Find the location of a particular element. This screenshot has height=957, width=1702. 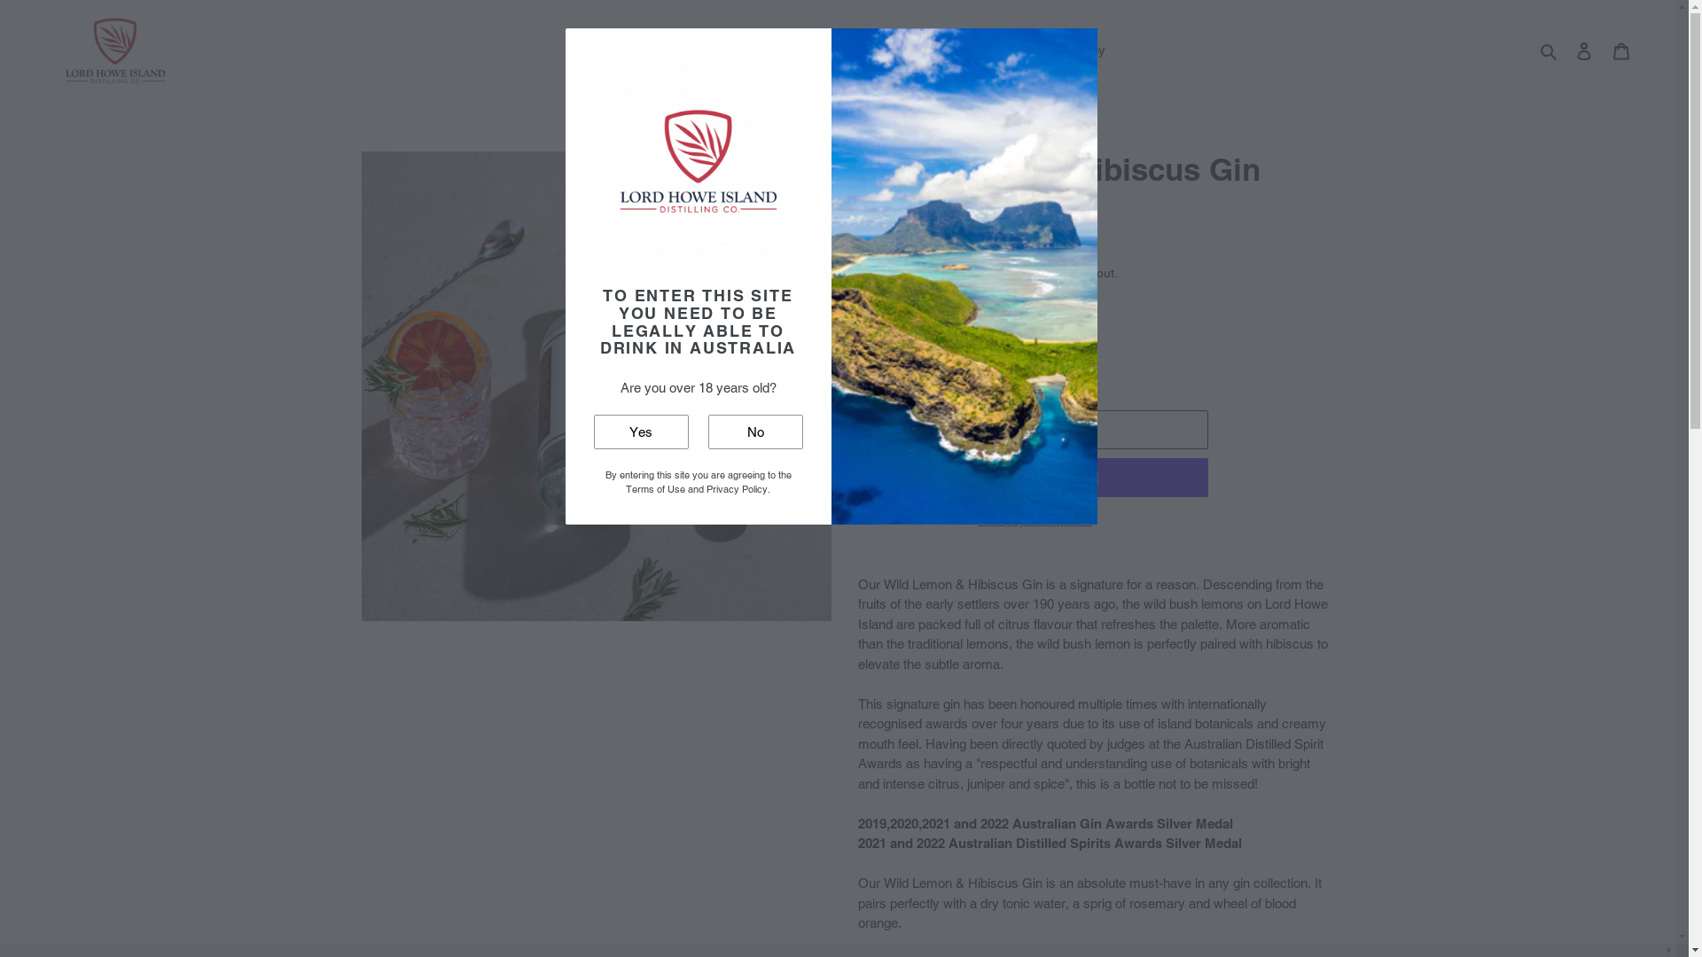

'Spirits' is located at coordinates (657, 50).